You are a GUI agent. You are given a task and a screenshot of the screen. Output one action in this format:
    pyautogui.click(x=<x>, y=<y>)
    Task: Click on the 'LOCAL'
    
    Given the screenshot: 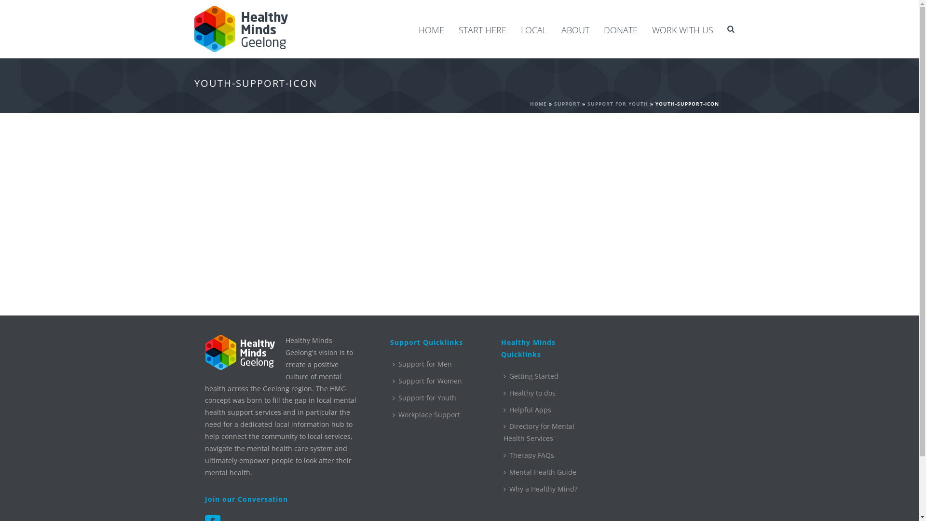 What is the action you would take?
    pyautogui.click(x=533, y=29)
    